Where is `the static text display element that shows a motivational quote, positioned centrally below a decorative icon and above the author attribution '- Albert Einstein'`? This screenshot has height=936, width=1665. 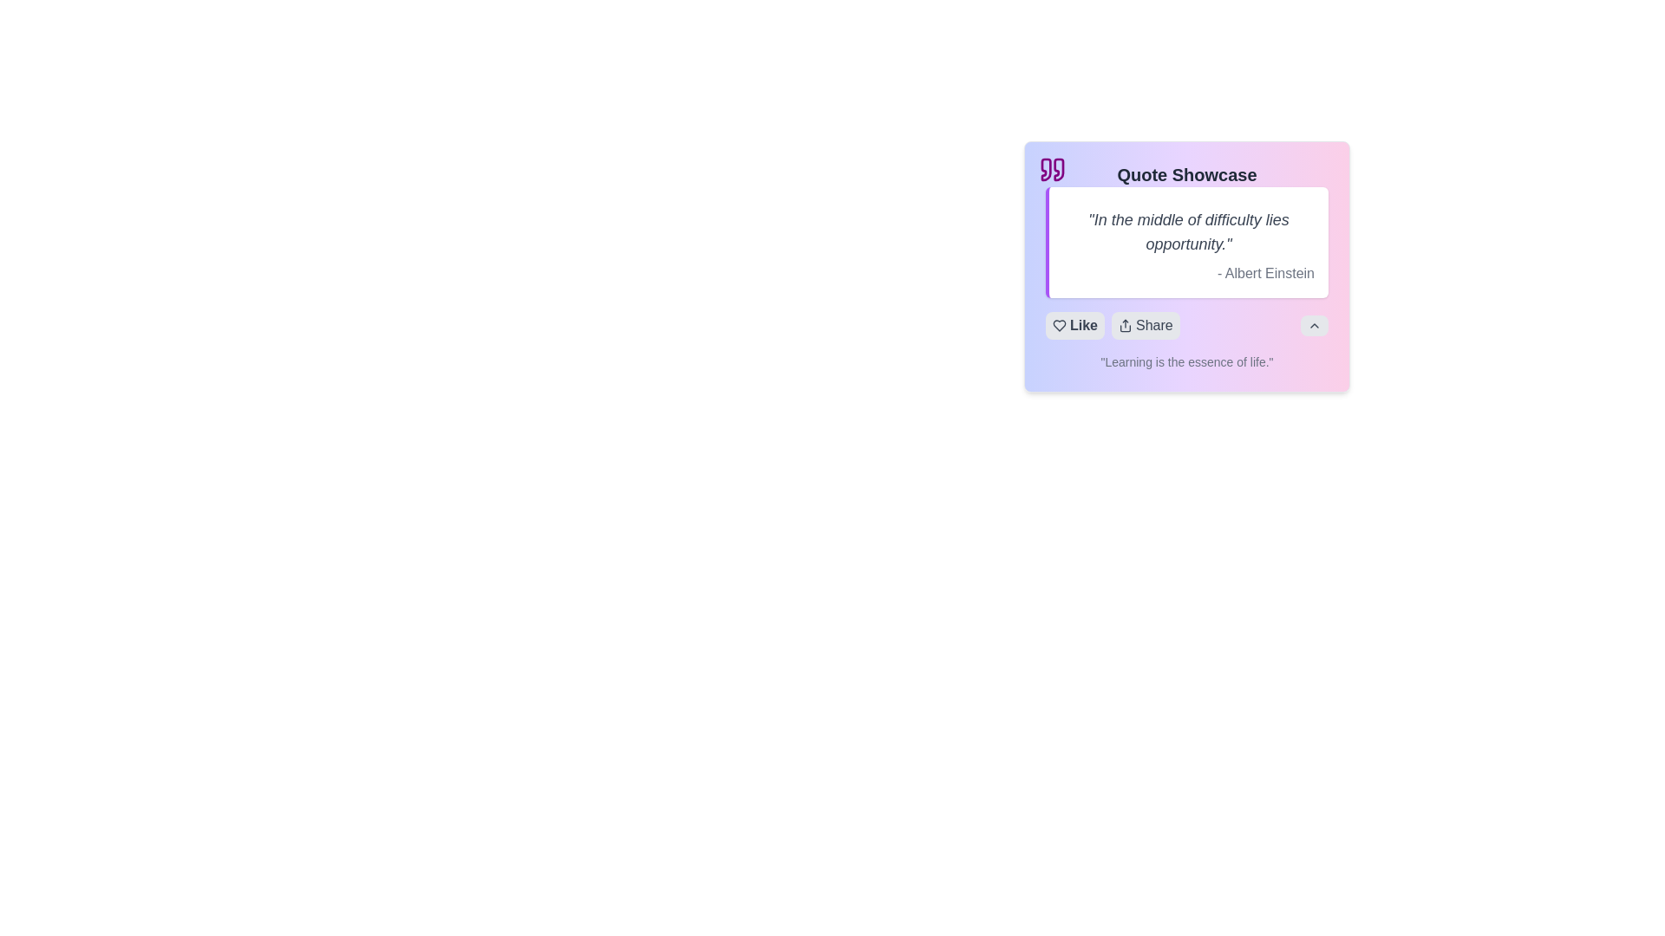 the static text display element that shows a motivational quote, positioned centrally below a decorative icon and above the author attribution '- Albert Einstein' is located at coordinates (1188, 231).